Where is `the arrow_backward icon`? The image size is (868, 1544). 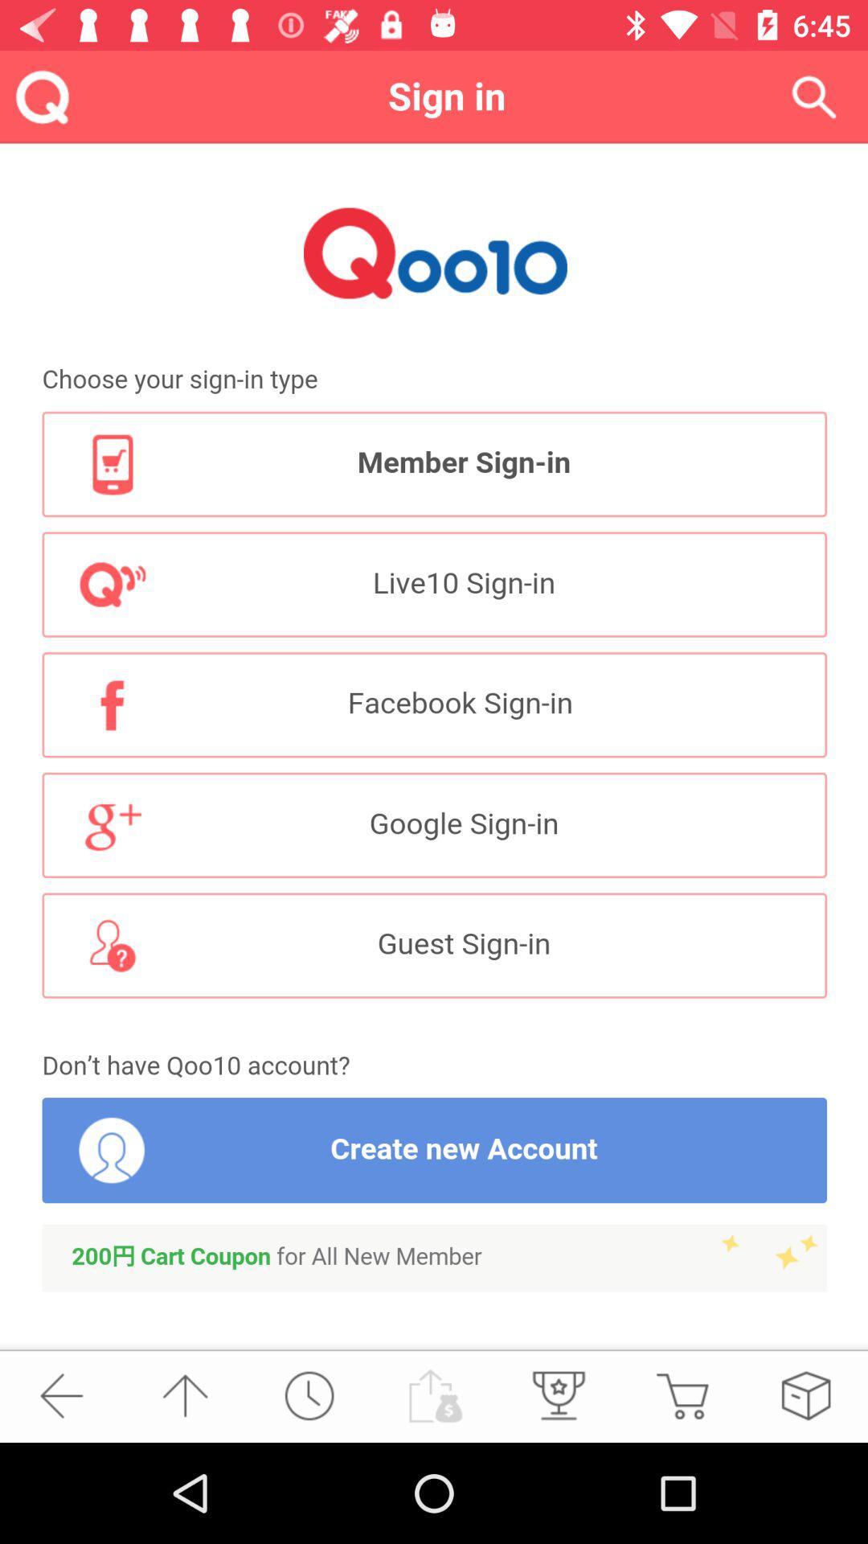 the arrow_backward icon is located at coordinates (60, 1394).